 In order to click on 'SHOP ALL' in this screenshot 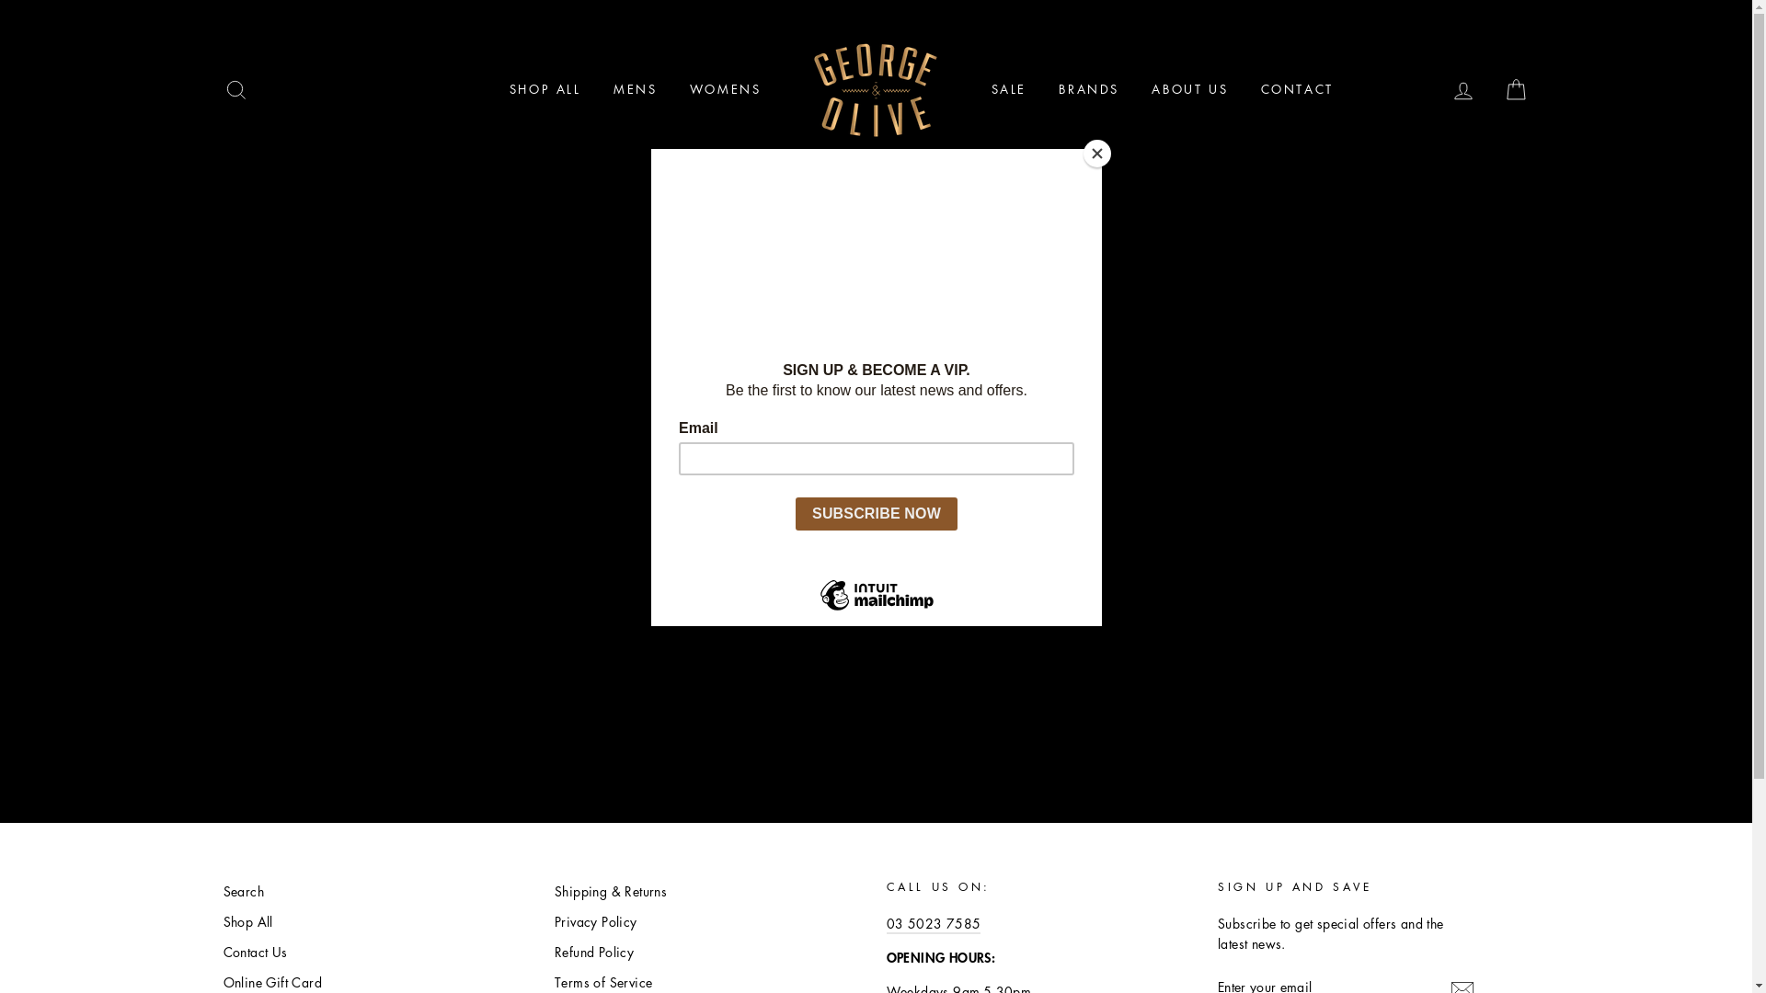, I will do `click(545, 89)`.